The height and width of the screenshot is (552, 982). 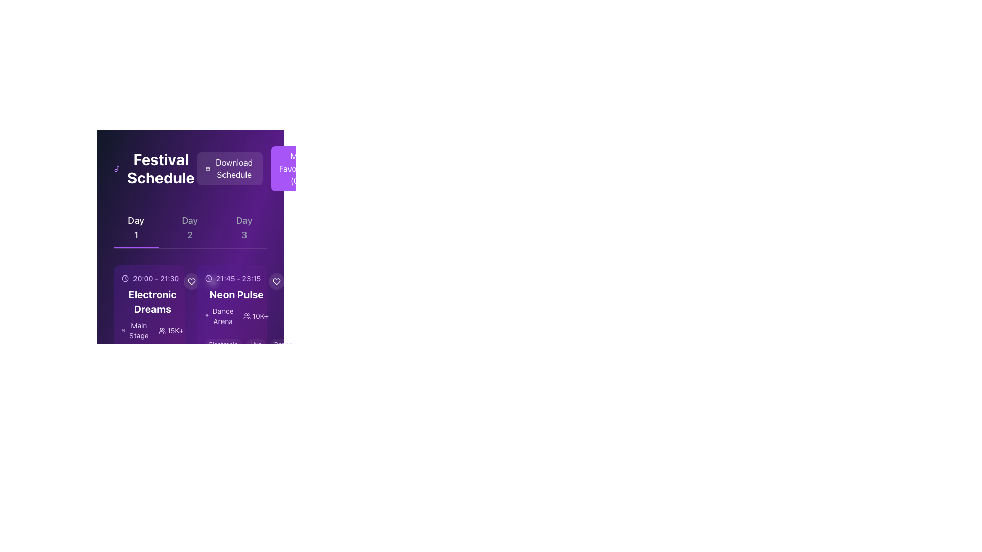 I want to click on the heart-shaped 'Favorite' button located in the top-right corner of the 'Electronic Dreams' event card to mark it as favorite, so click(x=191, y=282).